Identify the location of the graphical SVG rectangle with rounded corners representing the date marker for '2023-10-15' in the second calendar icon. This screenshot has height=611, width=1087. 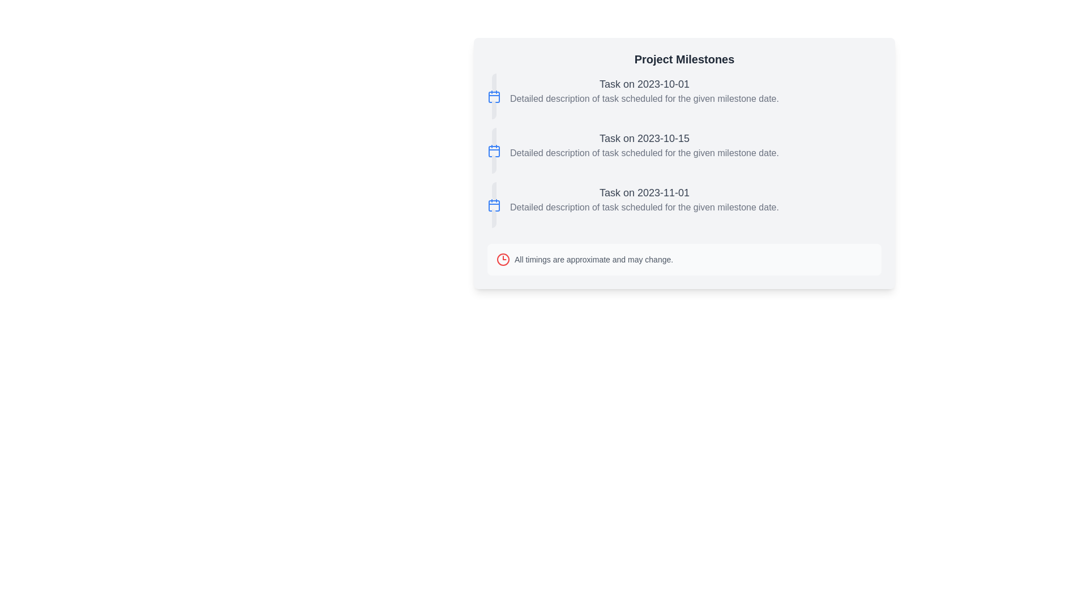
(494, 150).